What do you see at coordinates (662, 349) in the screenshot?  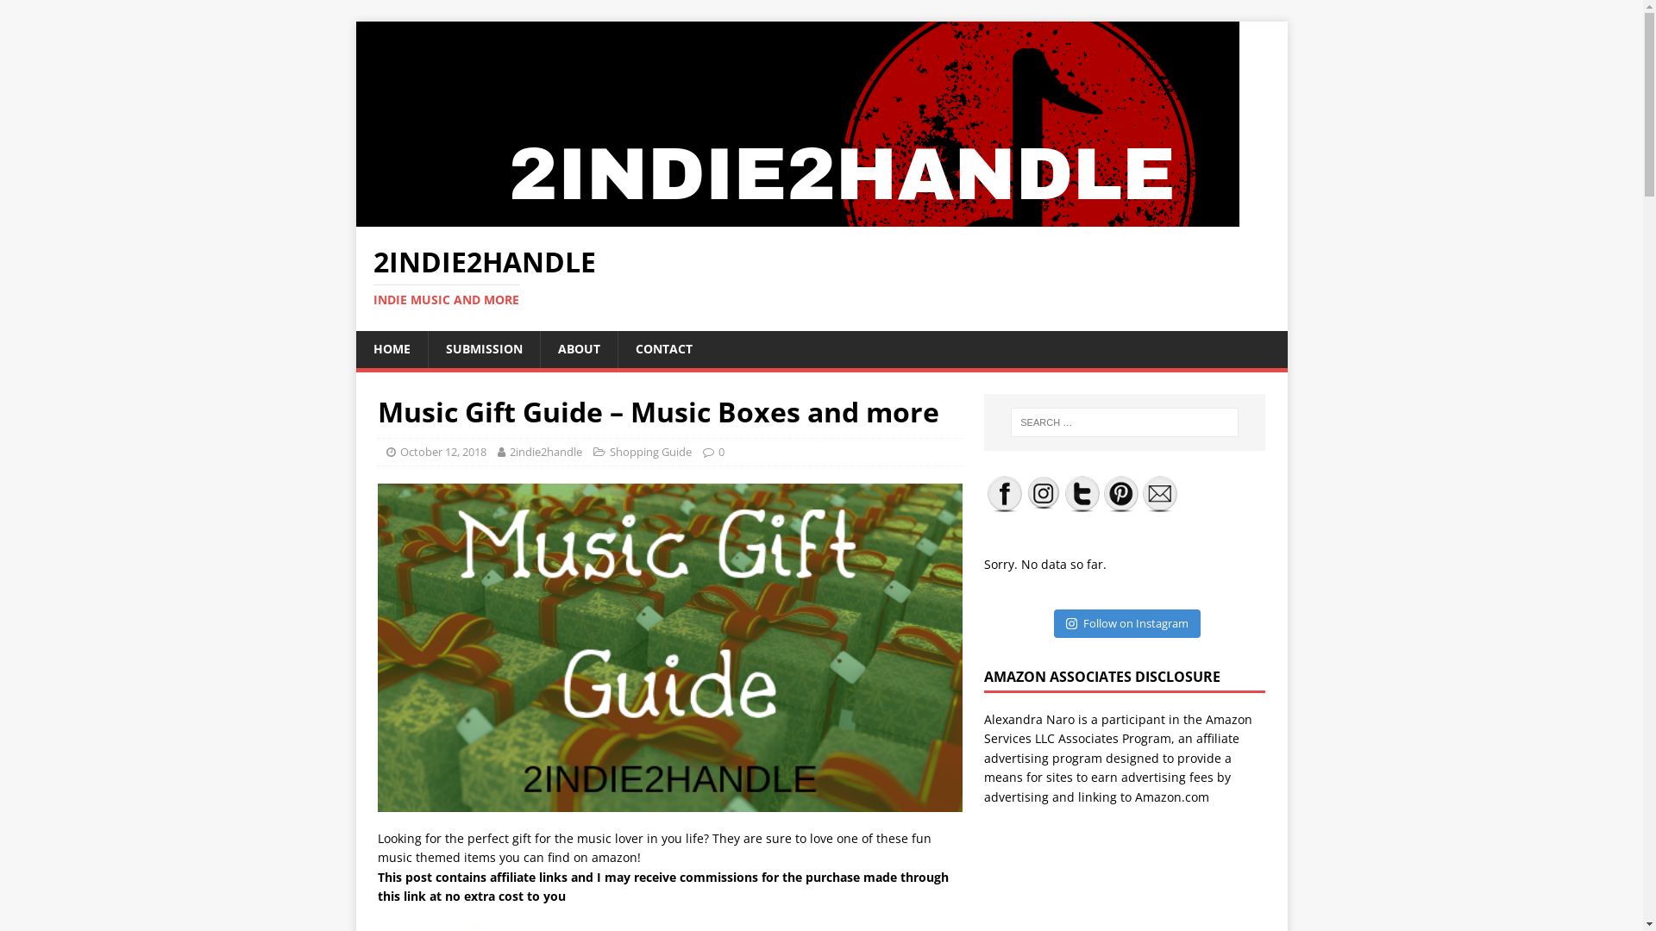 I see `'CONTACT'` at bounding box center [662, 349].